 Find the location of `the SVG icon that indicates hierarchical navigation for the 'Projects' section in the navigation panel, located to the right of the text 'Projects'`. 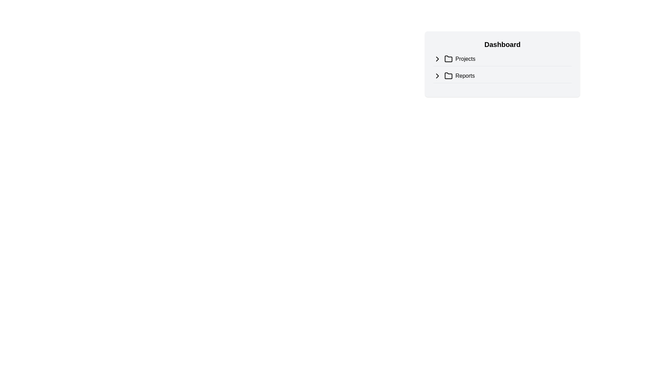

the SVG icon that indicates hierarchical navigation for the 'Projects' section in the navigation panel, located to the right of the text 'Projects' is located at coordinates (437, 58).